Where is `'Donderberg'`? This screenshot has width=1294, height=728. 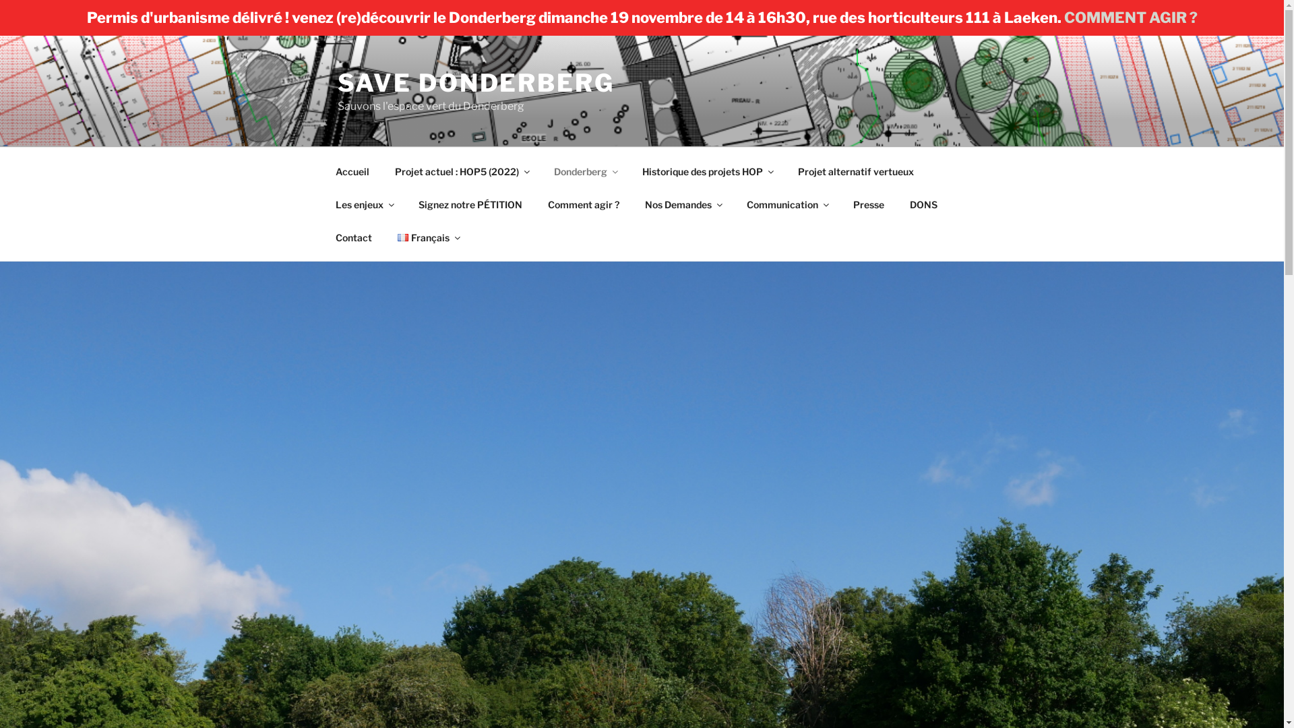 'Donderberg' is located at coordinates (542, 171).